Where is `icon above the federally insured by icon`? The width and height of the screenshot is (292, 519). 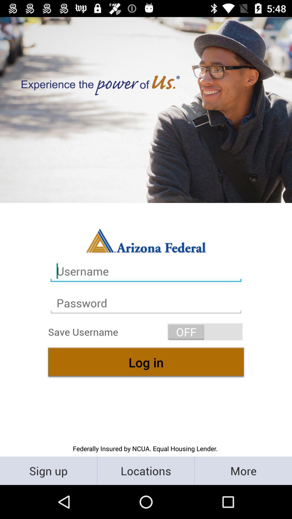
icon above the federally insured by icon is located at coordinates (146, 362).